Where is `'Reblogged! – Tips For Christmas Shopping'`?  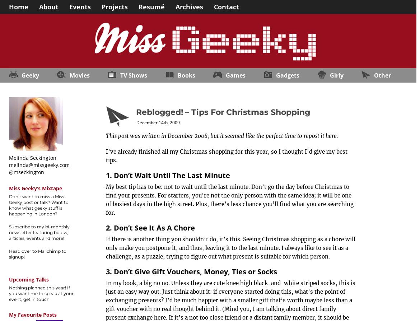
'Reblogged! – Tips For Christmas Shopping' is located at coordinates (223, 112).